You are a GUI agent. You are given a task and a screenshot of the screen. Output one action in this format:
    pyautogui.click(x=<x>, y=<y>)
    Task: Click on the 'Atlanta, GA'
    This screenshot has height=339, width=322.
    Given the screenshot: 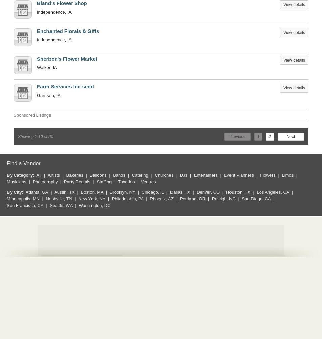 What is the action you would take?
    pyautogui.click(x=37, y=191)
    